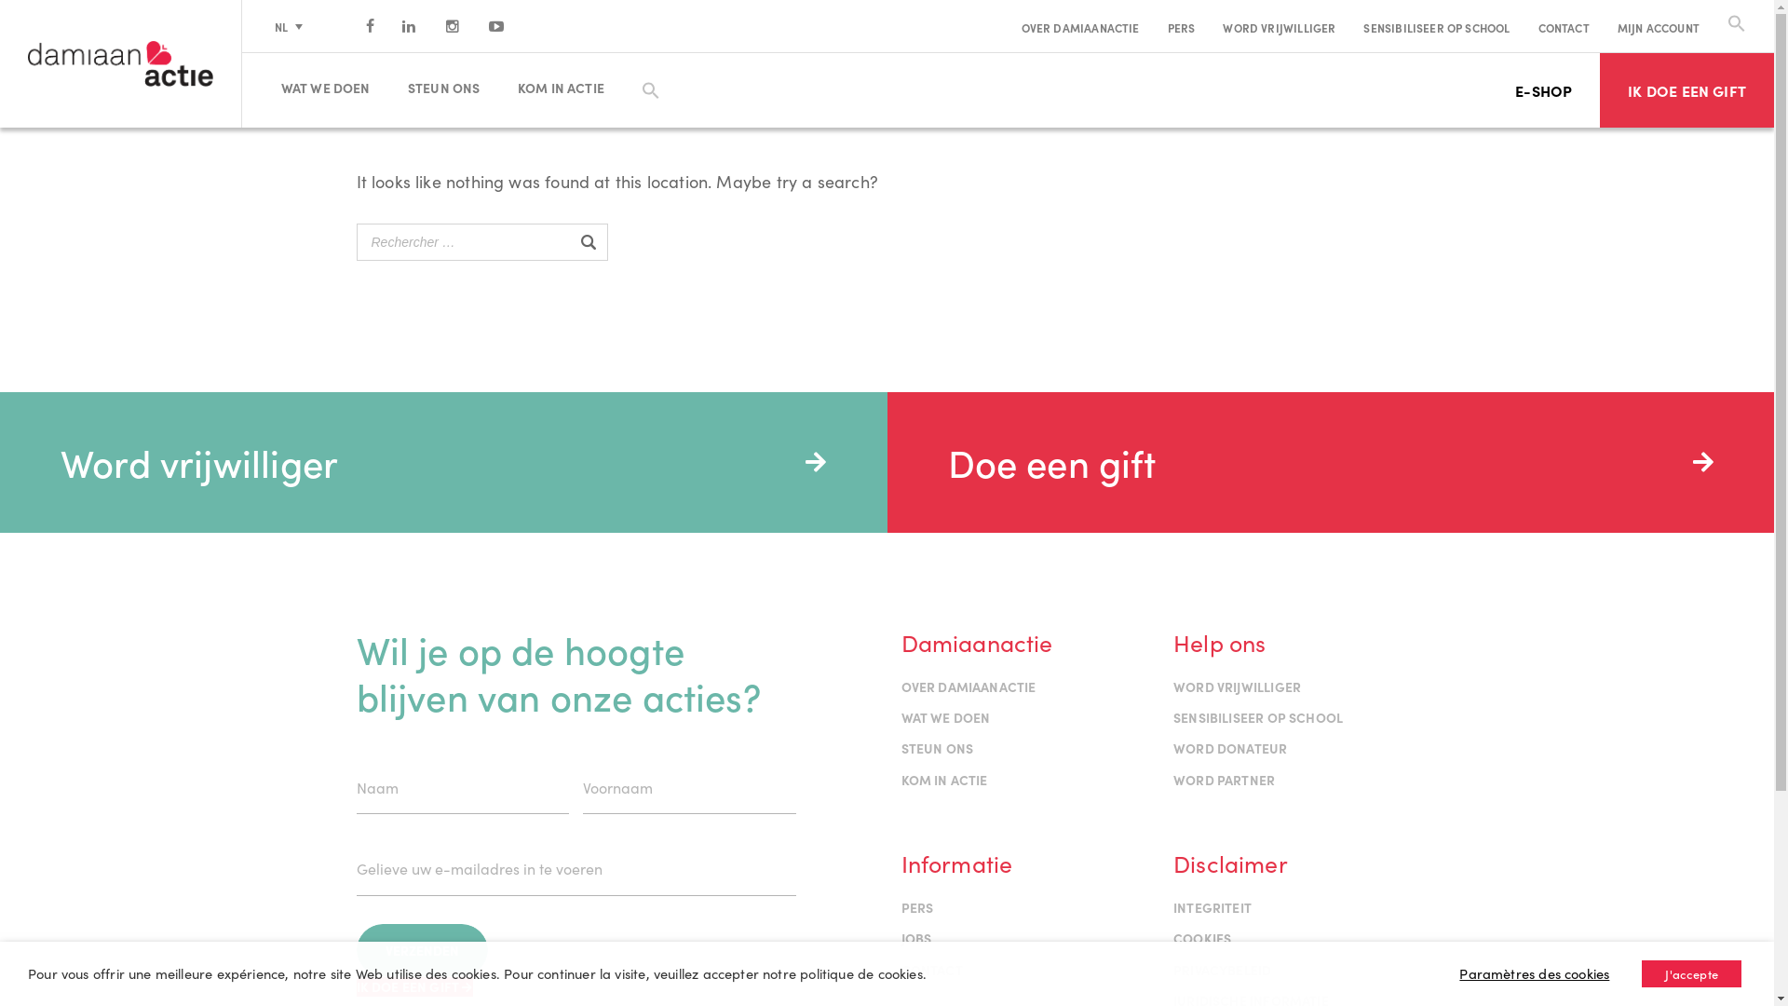  What do you see at coordinates (1172, 780) in the screenshot?
I see `'WORD PARTNER'` at bounding box center [1172, 780].